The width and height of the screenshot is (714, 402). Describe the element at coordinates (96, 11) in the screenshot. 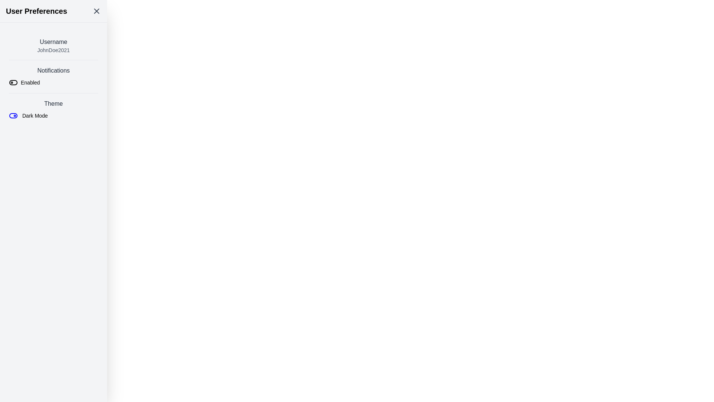

I see `the Close Button Icon, represented by an 'X' shape, located in the top-right corner of the 'User Preferences' sidebar` at that location.